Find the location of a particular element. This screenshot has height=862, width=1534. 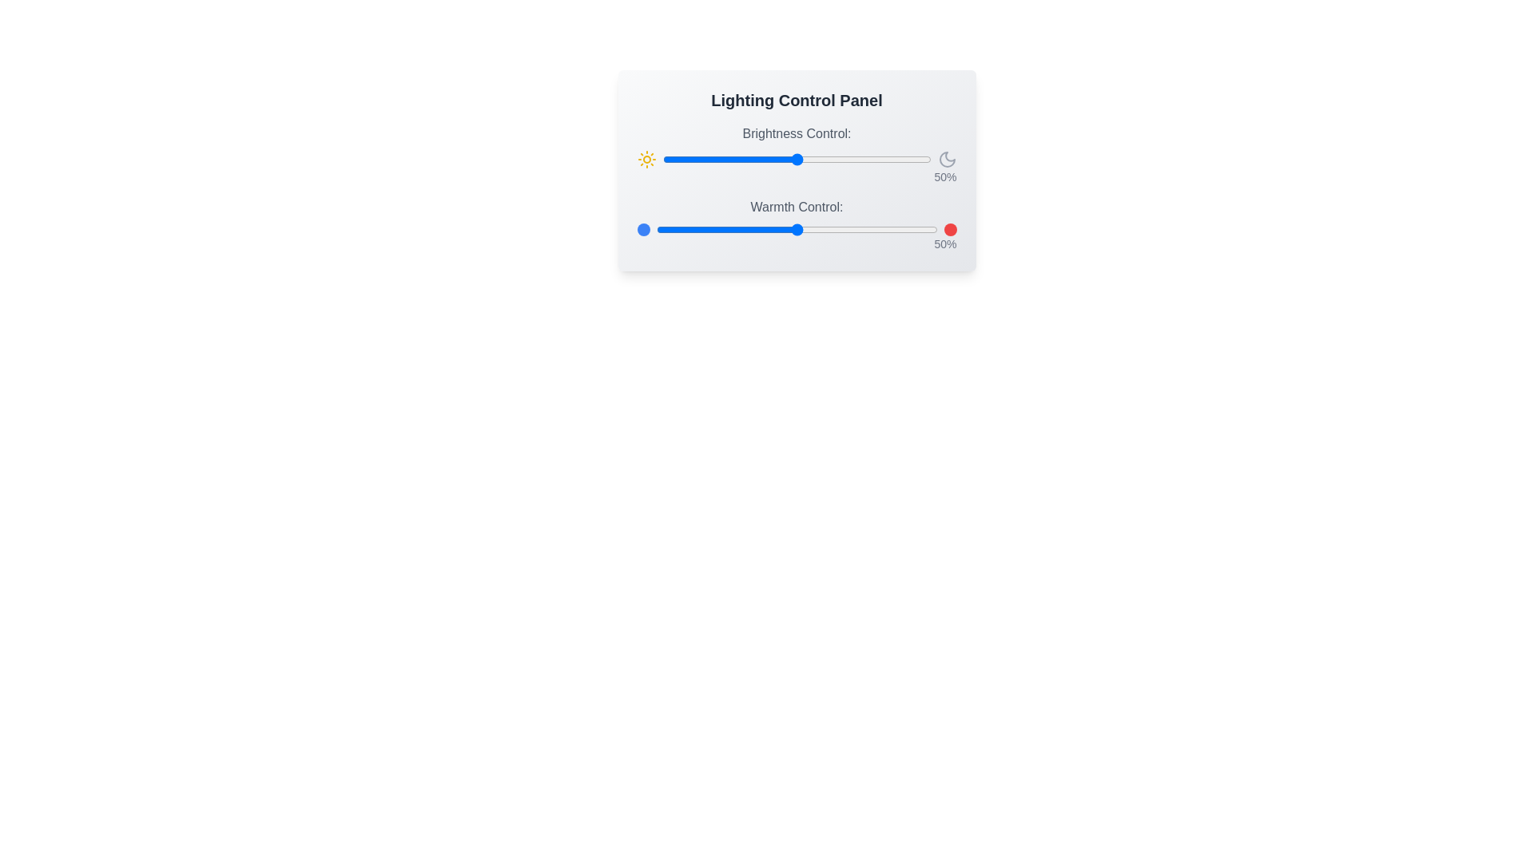

the sun icon representing brightness adjustment in the top-left area of the Lighting Control Panel is located at coordinates (646, 160).